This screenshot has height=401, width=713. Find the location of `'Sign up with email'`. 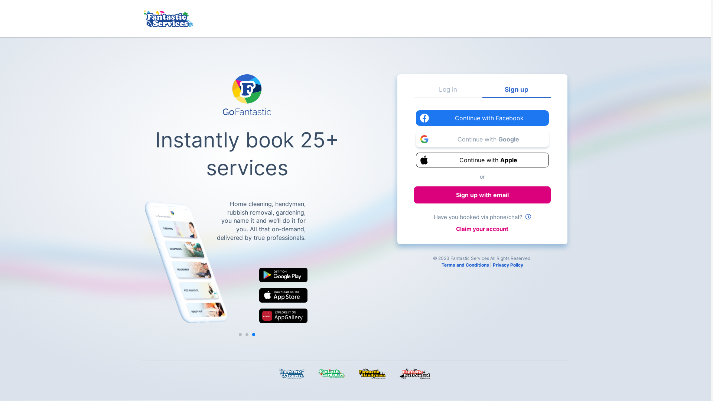

'Sign up with email' is located at coordinates (482, 194).